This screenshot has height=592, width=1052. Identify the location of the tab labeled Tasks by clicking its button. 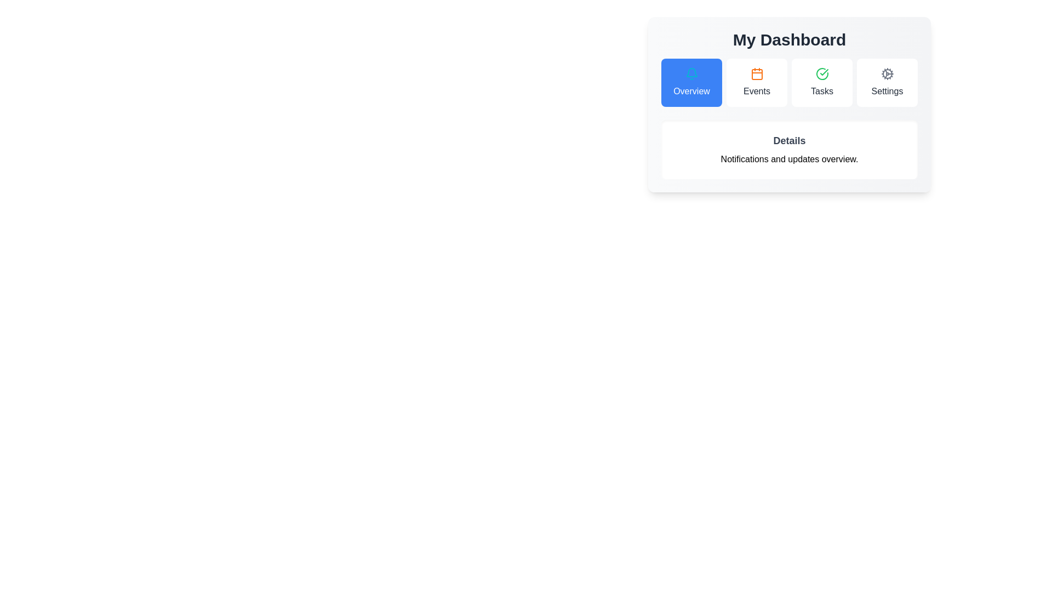
(822, 82).